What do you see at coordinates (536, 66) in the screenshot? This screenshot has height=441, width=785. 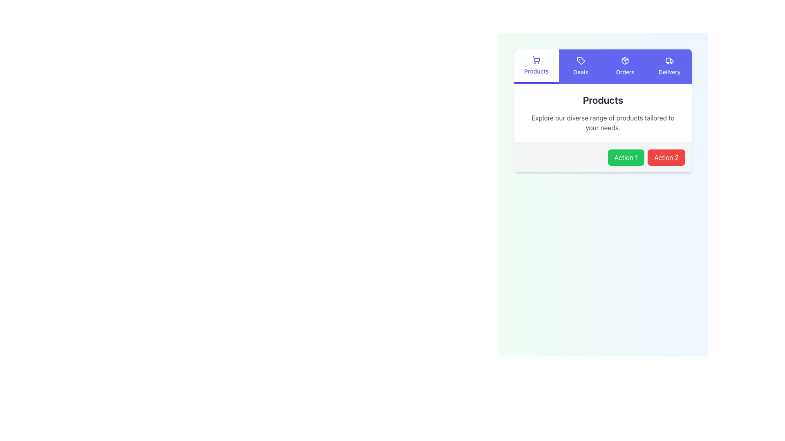 I see `the 'Products' button, which is a rectangular button with a white background, indigo borders, and contains a shopping cart icon with an indigo 'Products' label below it, located at the top of the interface as the first in a row of four buttons` at bounding box center [536, 66].